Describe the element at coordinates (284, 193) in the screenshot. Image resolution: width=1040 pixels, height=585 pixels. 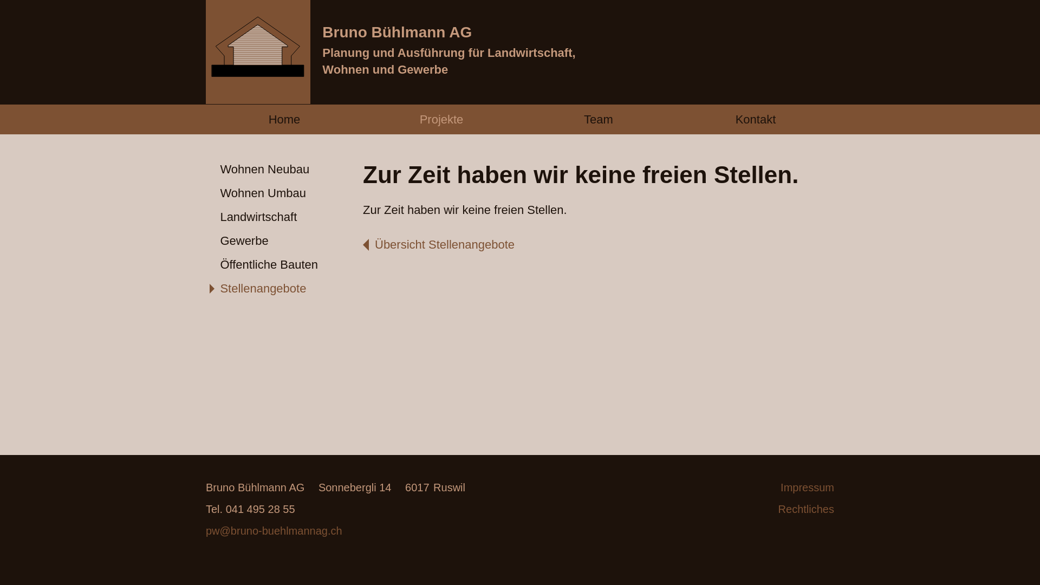
I see `'Wohnen Umbau'` at that location.